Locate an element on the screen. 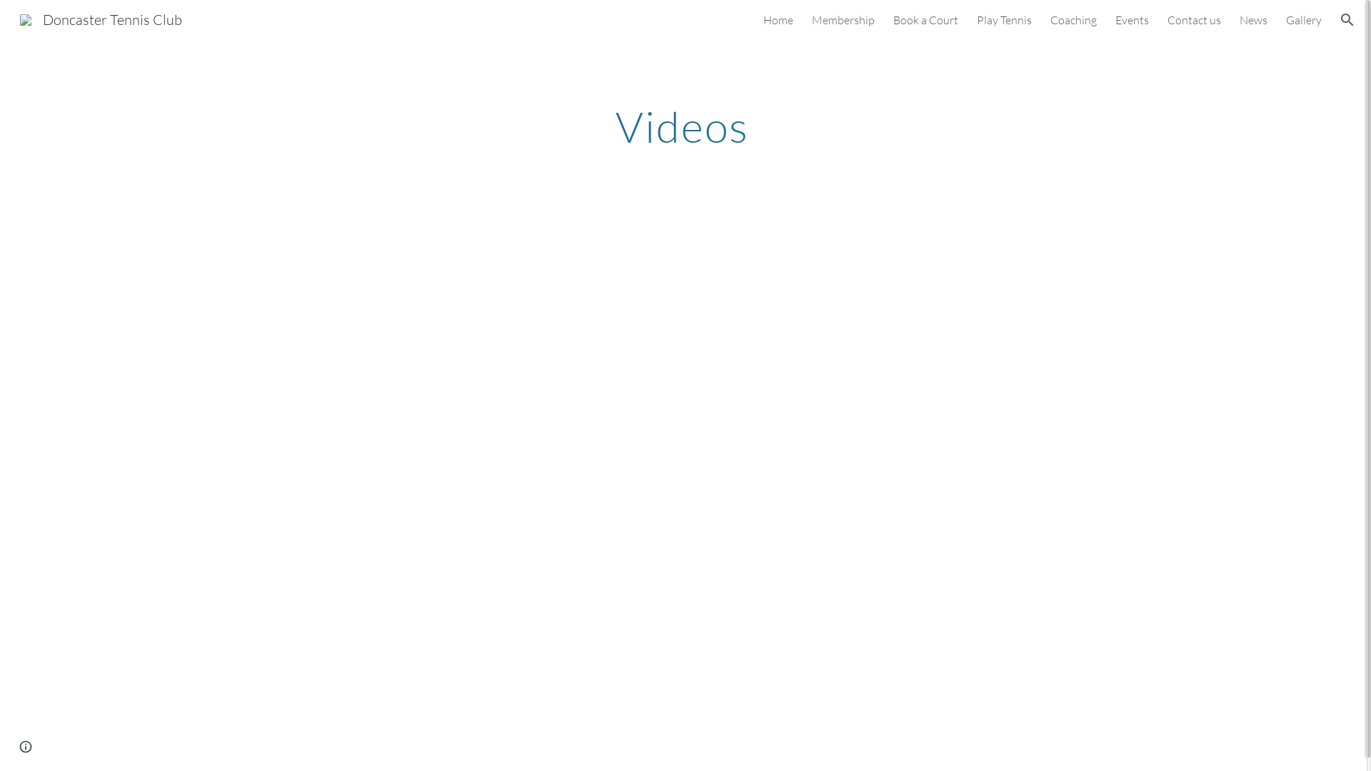 The image size is (1371, 771). 'Events' is located at coordinates (1131, 19).